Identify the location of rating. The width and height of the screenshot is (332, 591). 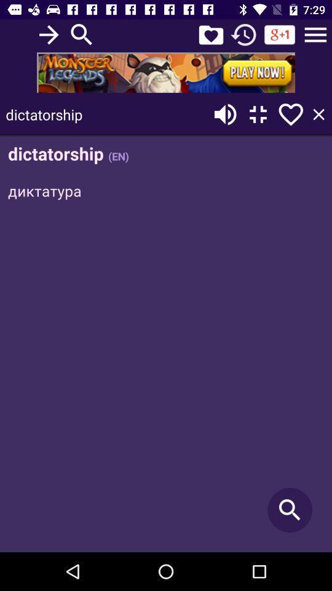
(210, 34).